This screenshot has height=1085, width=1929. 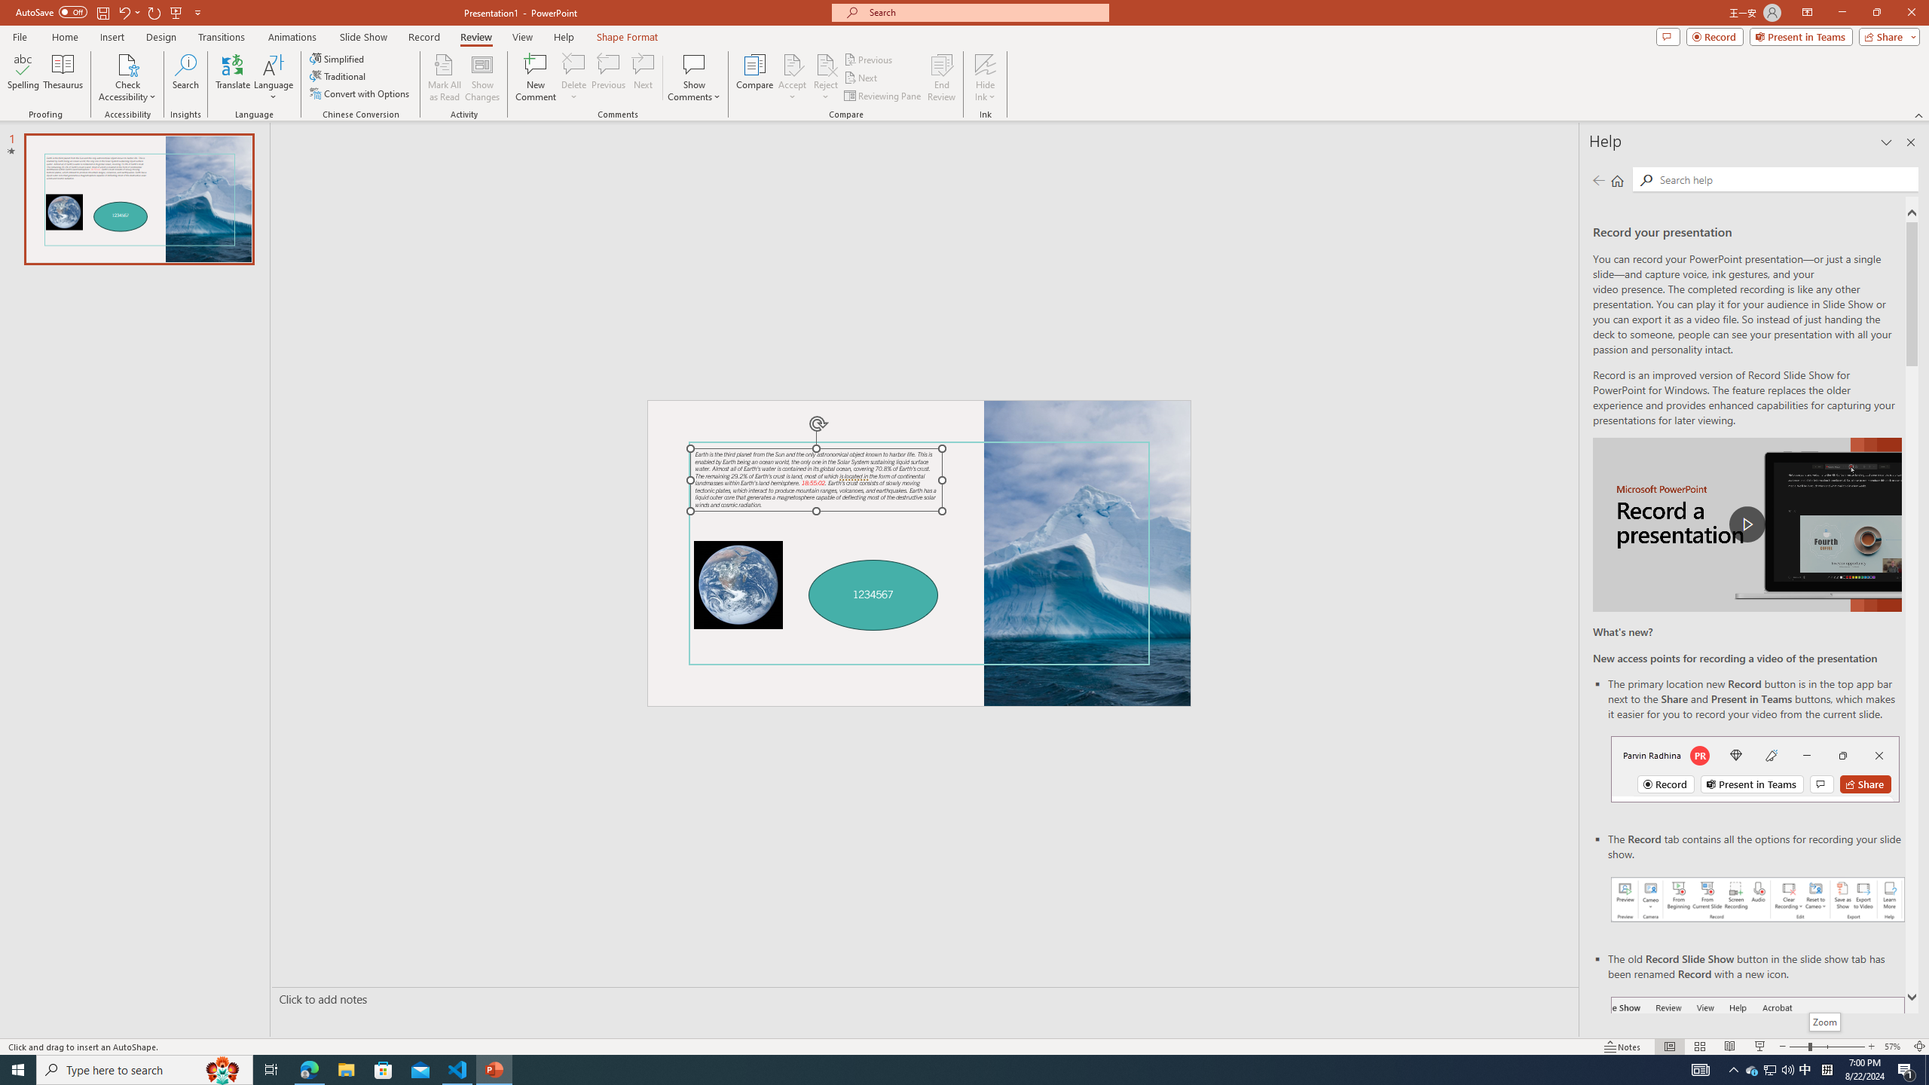 What do you see at coordinates (824, 63) in the screenshot?
I see `'Reject Change'` at bounding box center [824, 63].